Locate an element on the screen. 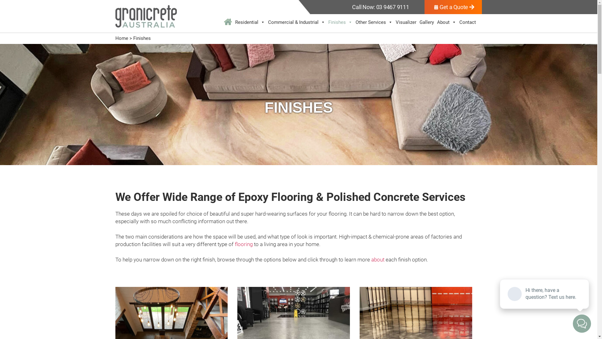 This screenshot has height=339, width=602. 'Residential' is located at coordinates (250, 22).